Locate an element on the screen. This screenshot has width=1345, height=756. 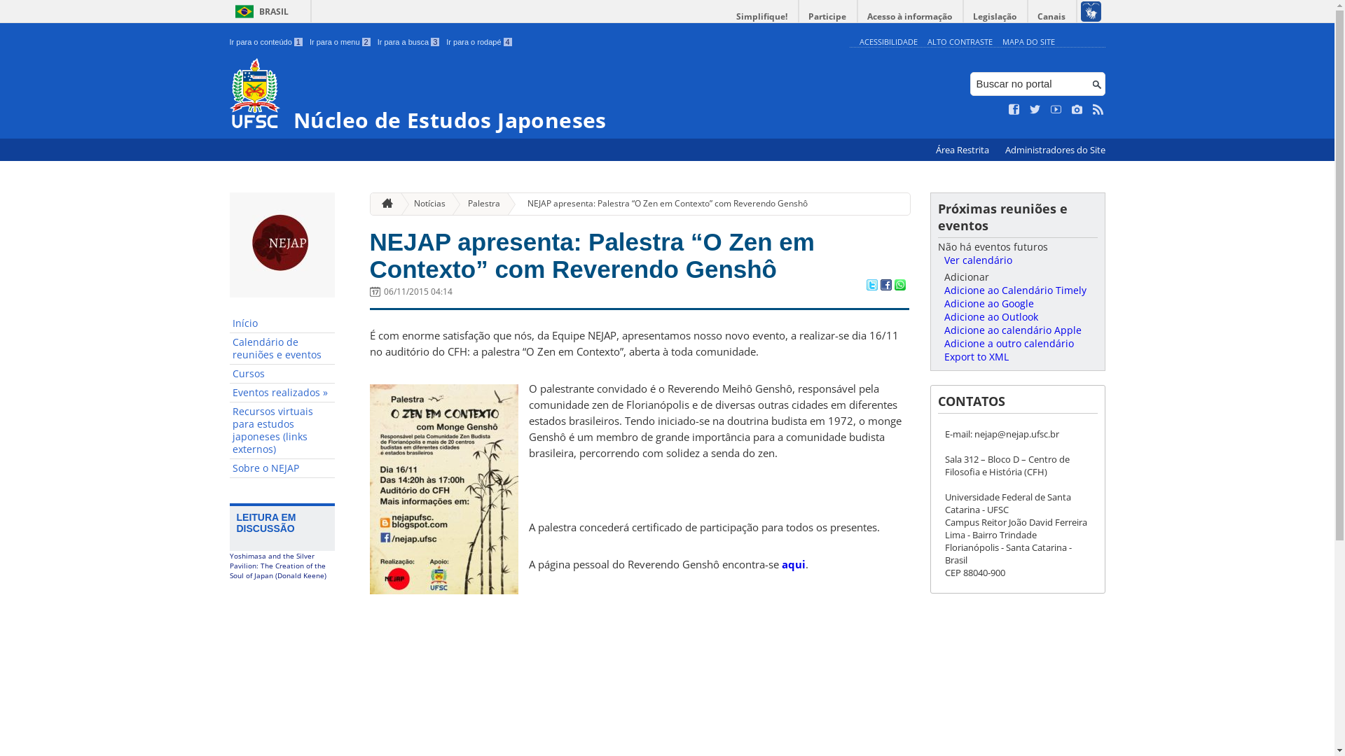
'ACESSIBILIDADE' is located at coordinates (857, 41).